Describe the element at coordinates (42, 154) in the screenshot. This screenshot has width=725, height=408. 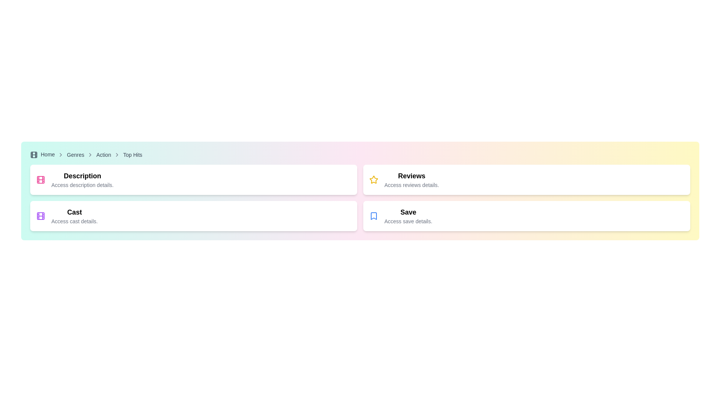
I see `the clickable text link with an associated icon located at the far left of the breadcrumb navigation section to change its color to blue` at that location.